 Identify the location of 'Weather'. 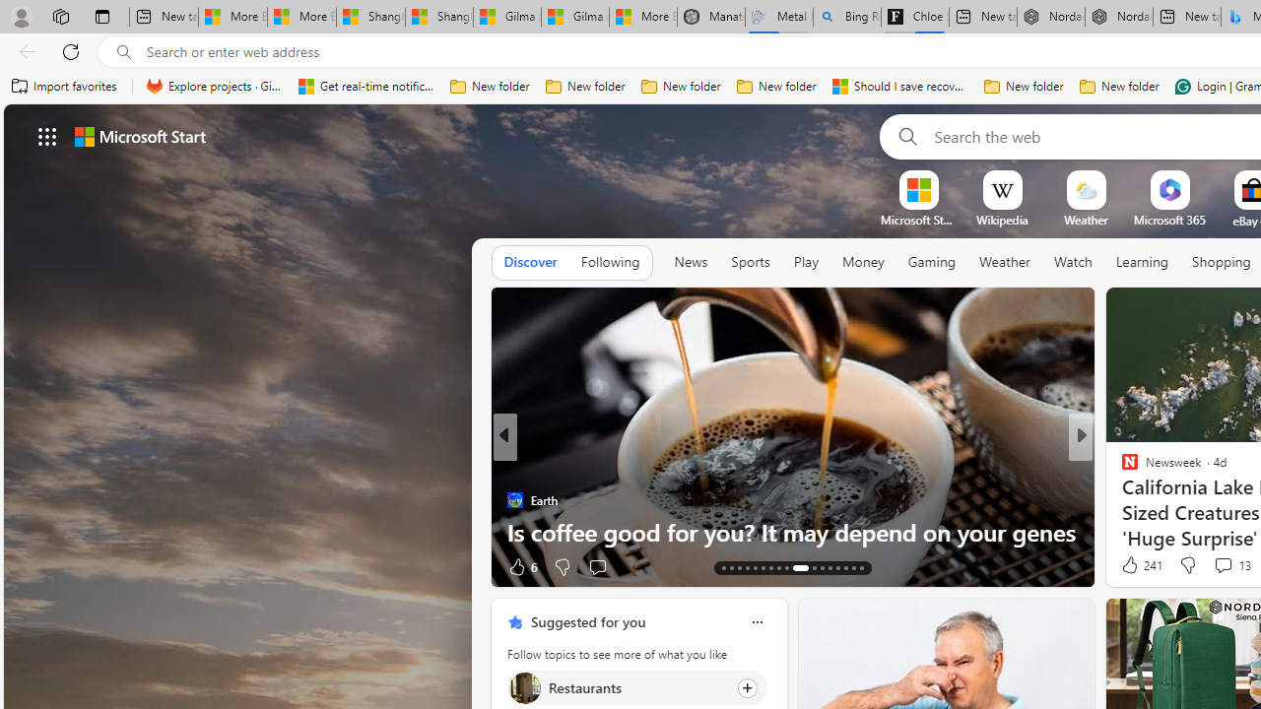
(1005, 262).